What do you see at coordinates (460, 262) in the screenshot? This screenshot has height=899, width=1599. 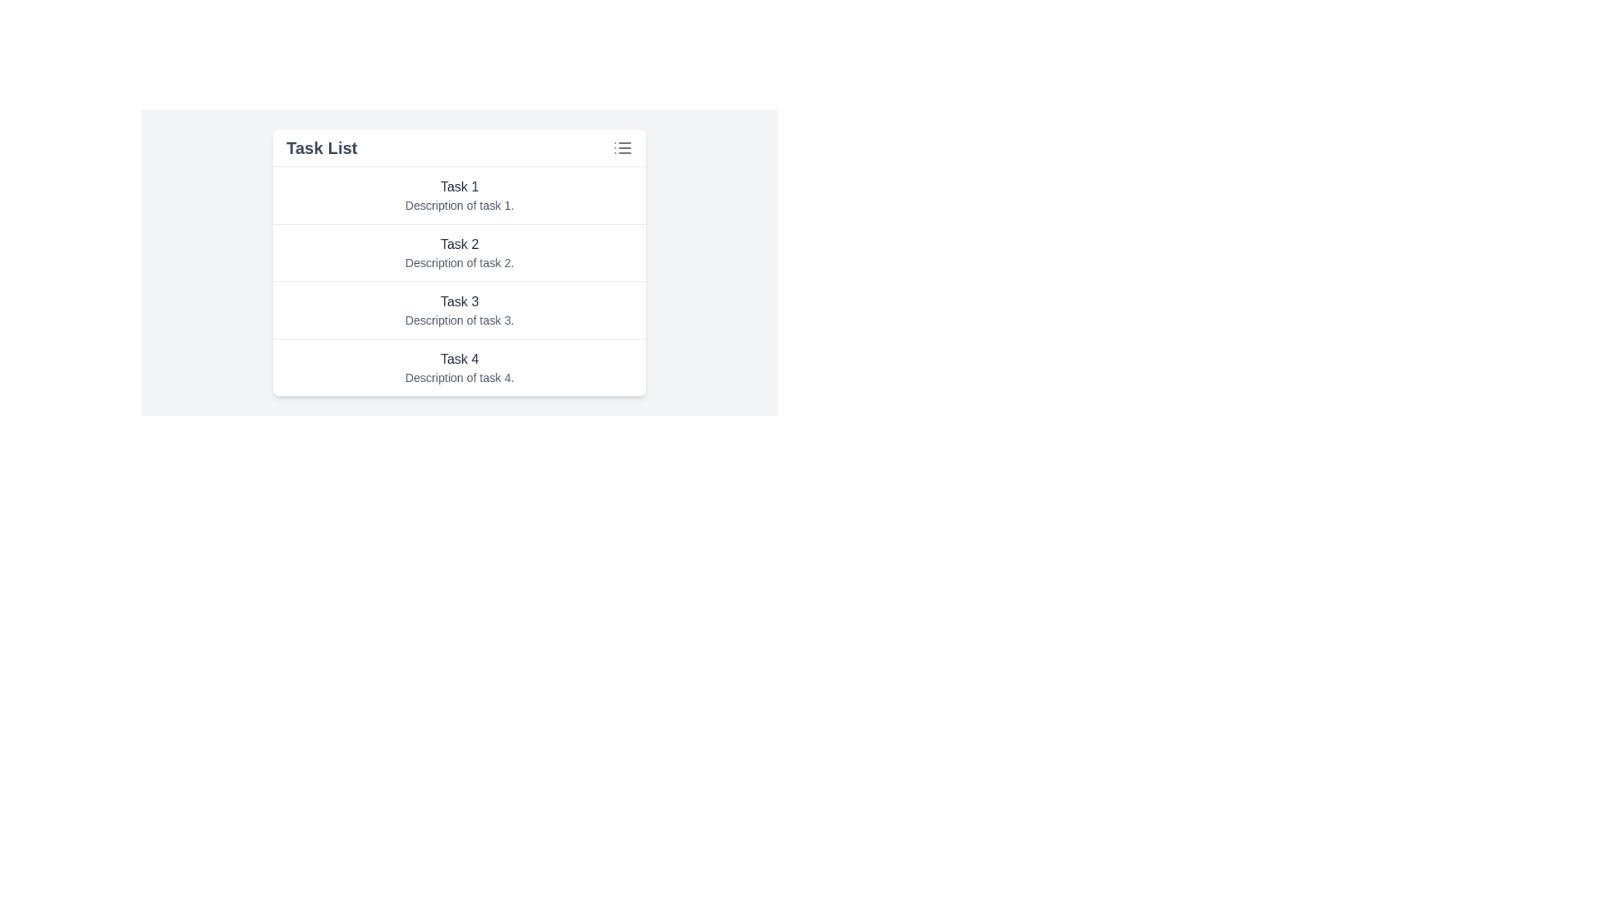 I see `the informational Text label titled 'Task 2', which is located directly below the title in a vertical task list` at bounding box center [460, 262].